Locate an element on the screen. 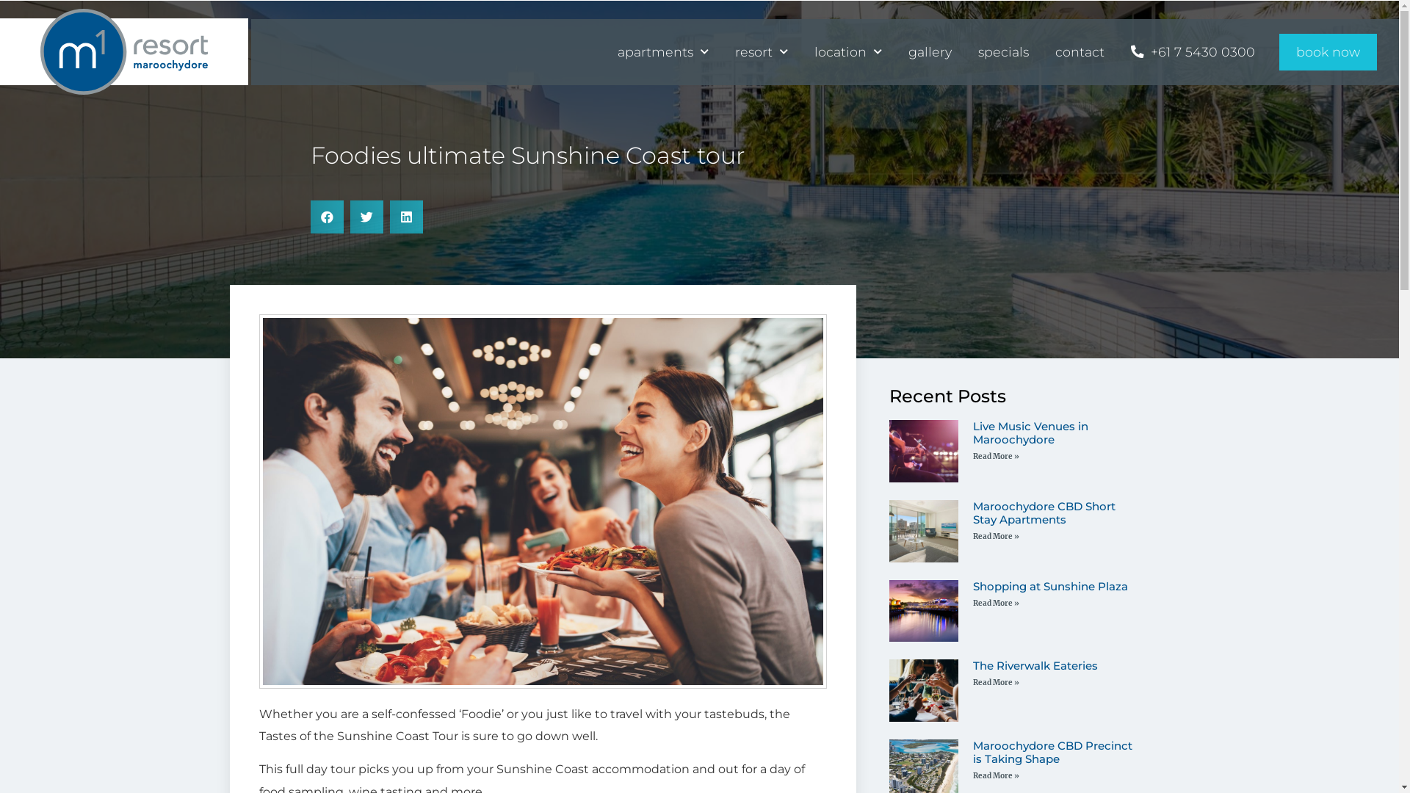 The width and height of the screenshot is (1410, 793). 'Live Music Venues in Maroochydore' is located at coordinates (972, 432).